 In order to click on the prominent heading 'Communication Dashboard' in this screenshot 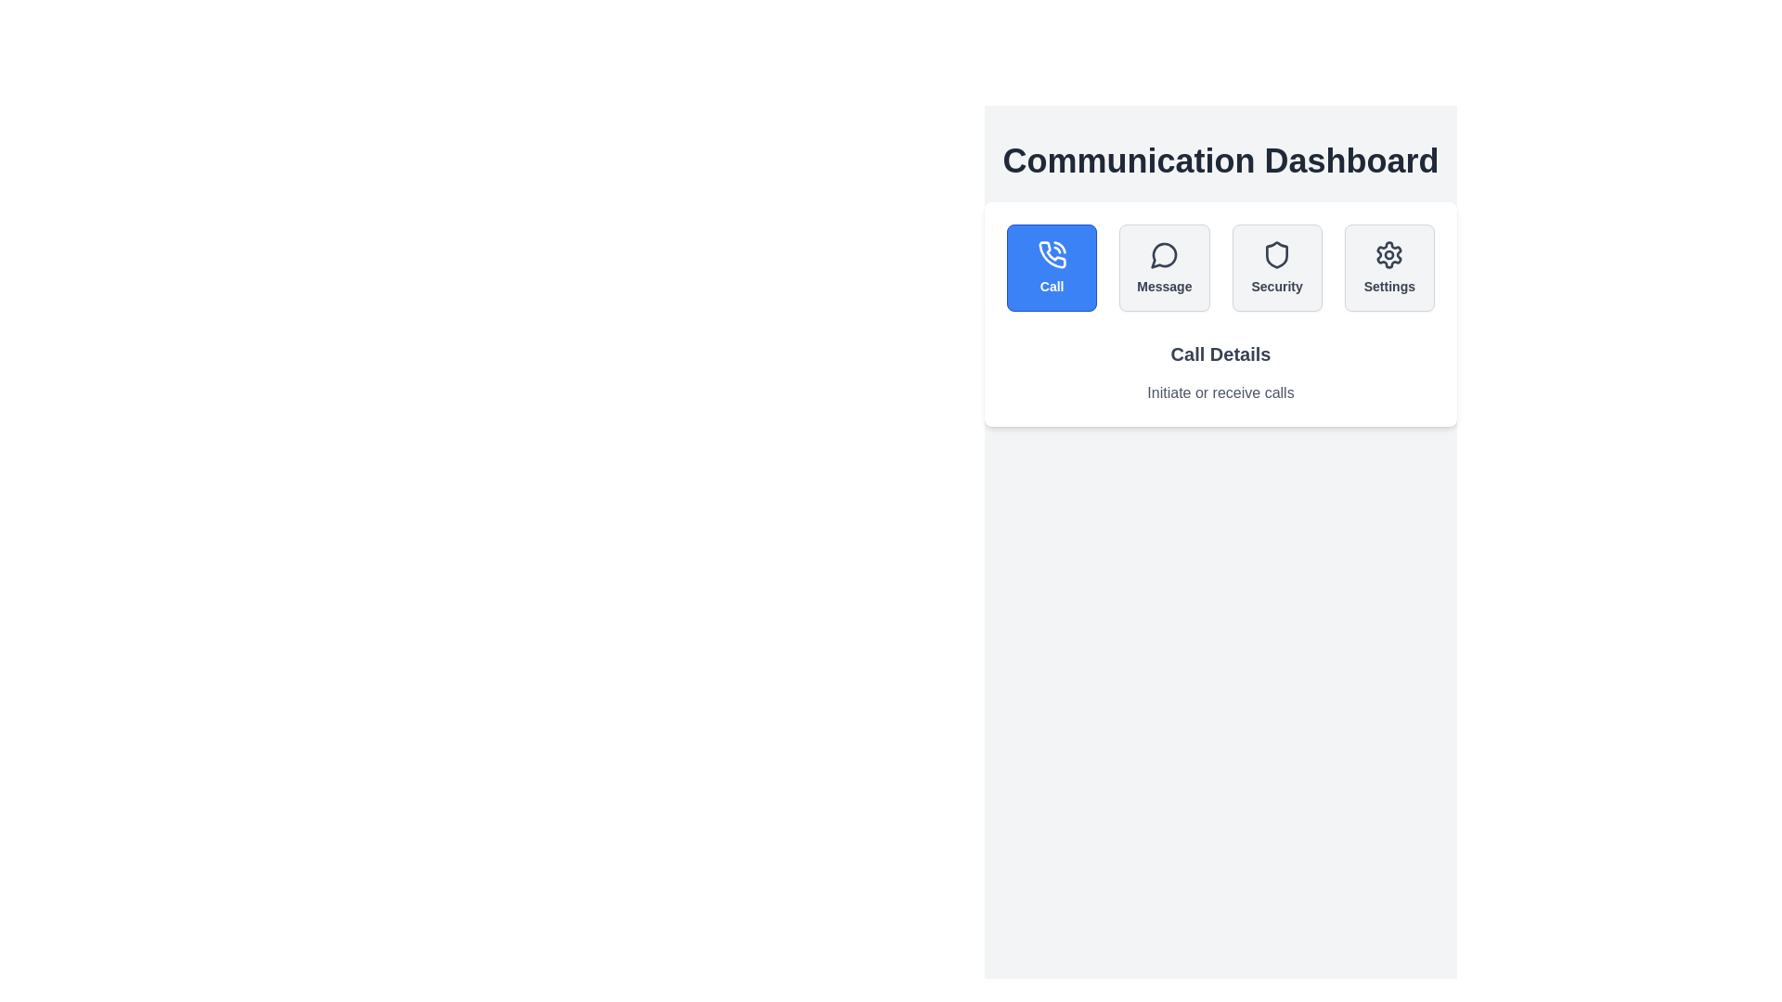, I will do `click(1220, 160)`.